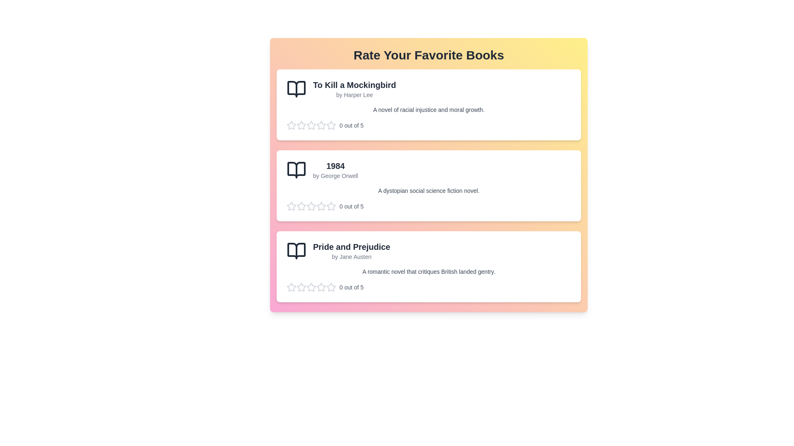 Image resolution: width=794 pixels, height=446 pixels. What do you see at coordinates (428, 272) in the screenshot?
I see `the text block displaying 'A romantic novel that critiques British landed gentry.' which is located in the third card representing the book 'Pride and Prejudice'` at bounding box center [428, 272].